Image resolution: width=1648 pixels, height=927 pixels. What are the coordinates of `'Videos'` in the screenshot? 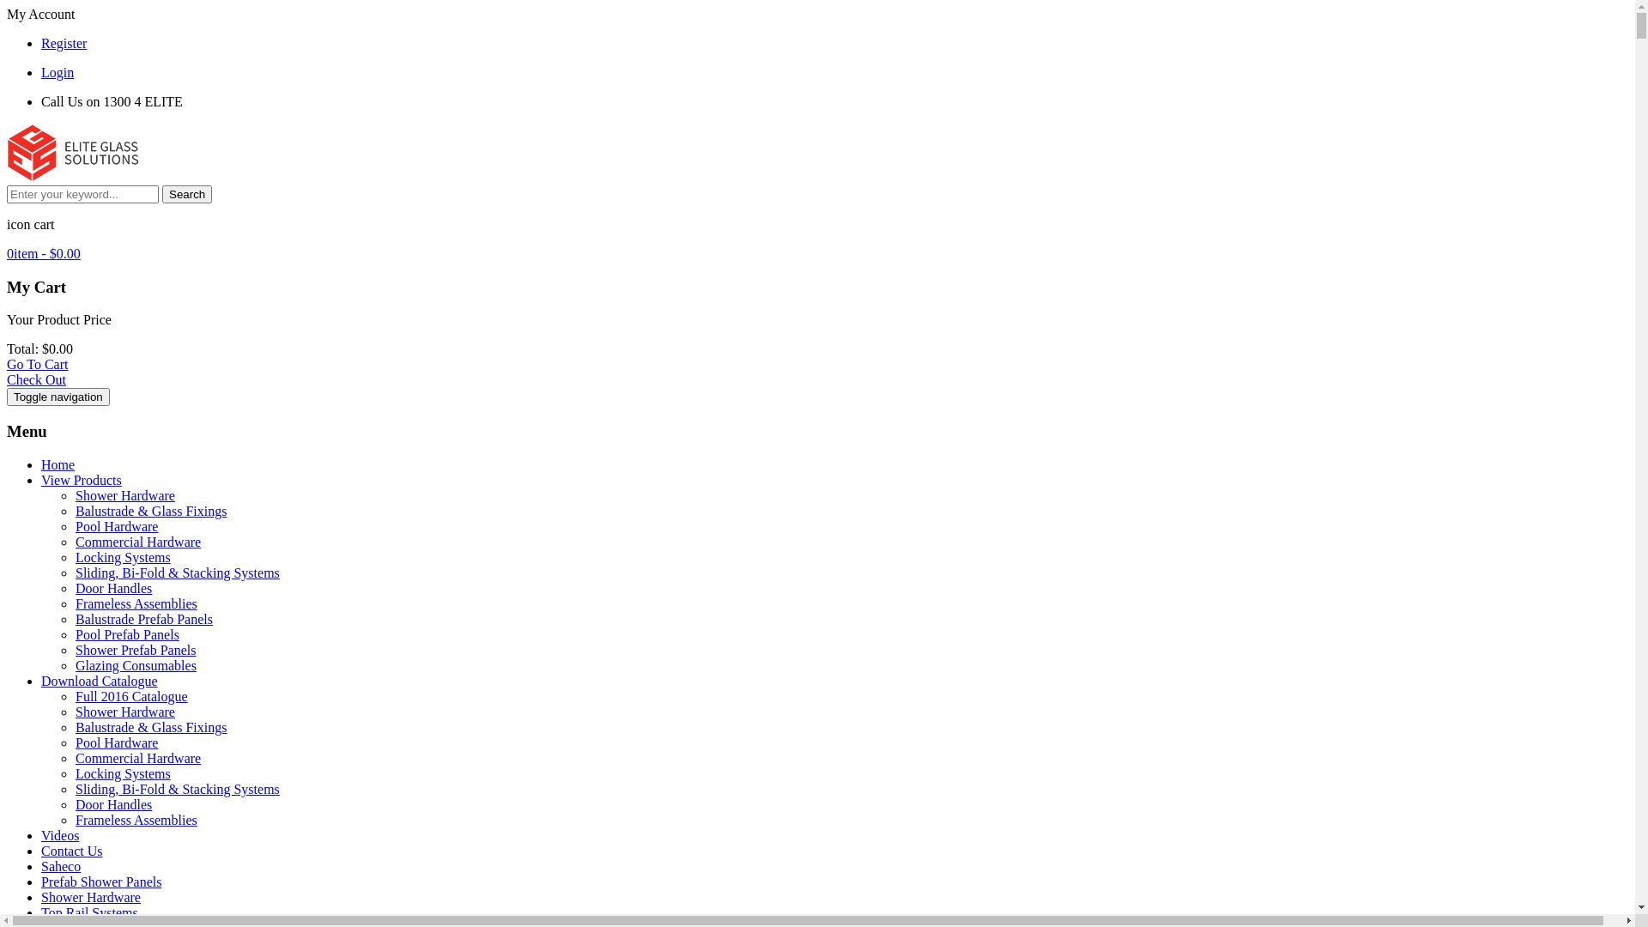 It's located at (60, 834).